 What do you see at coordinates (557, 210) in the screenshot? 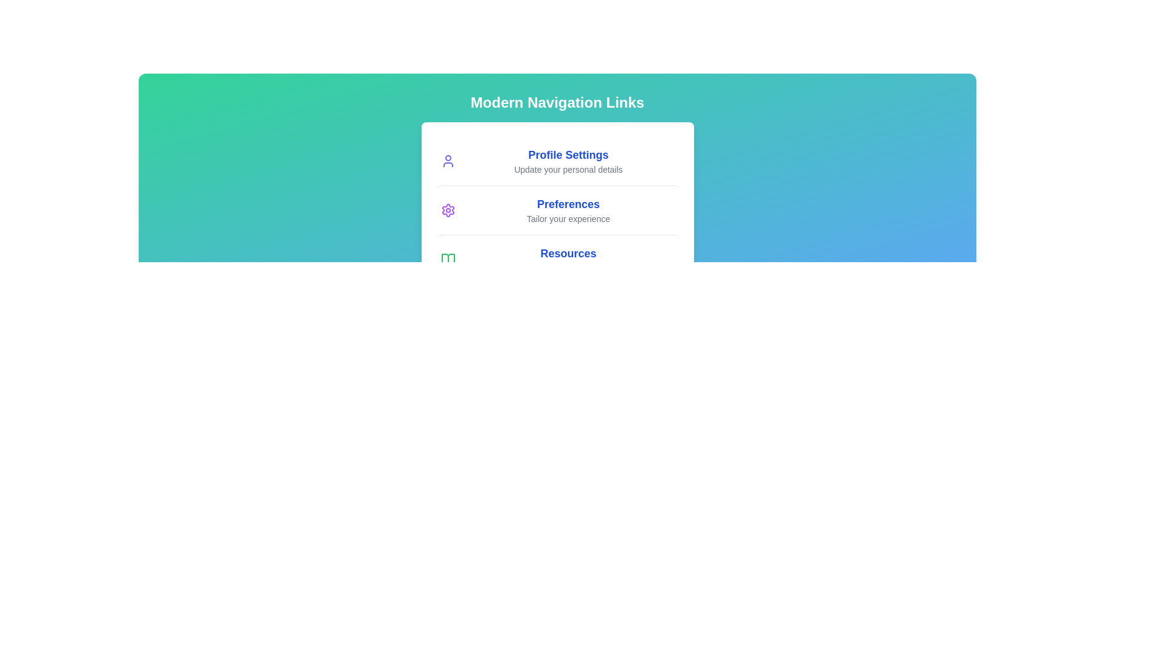
I see `the 'Preferences' navigation link with a purple gear icon to visualize its interactive state` at bounding box center [557, 210].